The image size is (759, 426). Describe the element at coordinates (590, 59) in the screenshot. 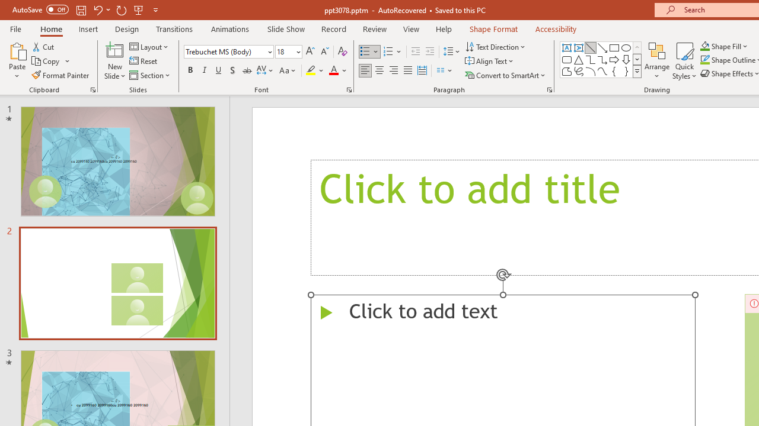

I see `'Connector: Elbow'` at that location.